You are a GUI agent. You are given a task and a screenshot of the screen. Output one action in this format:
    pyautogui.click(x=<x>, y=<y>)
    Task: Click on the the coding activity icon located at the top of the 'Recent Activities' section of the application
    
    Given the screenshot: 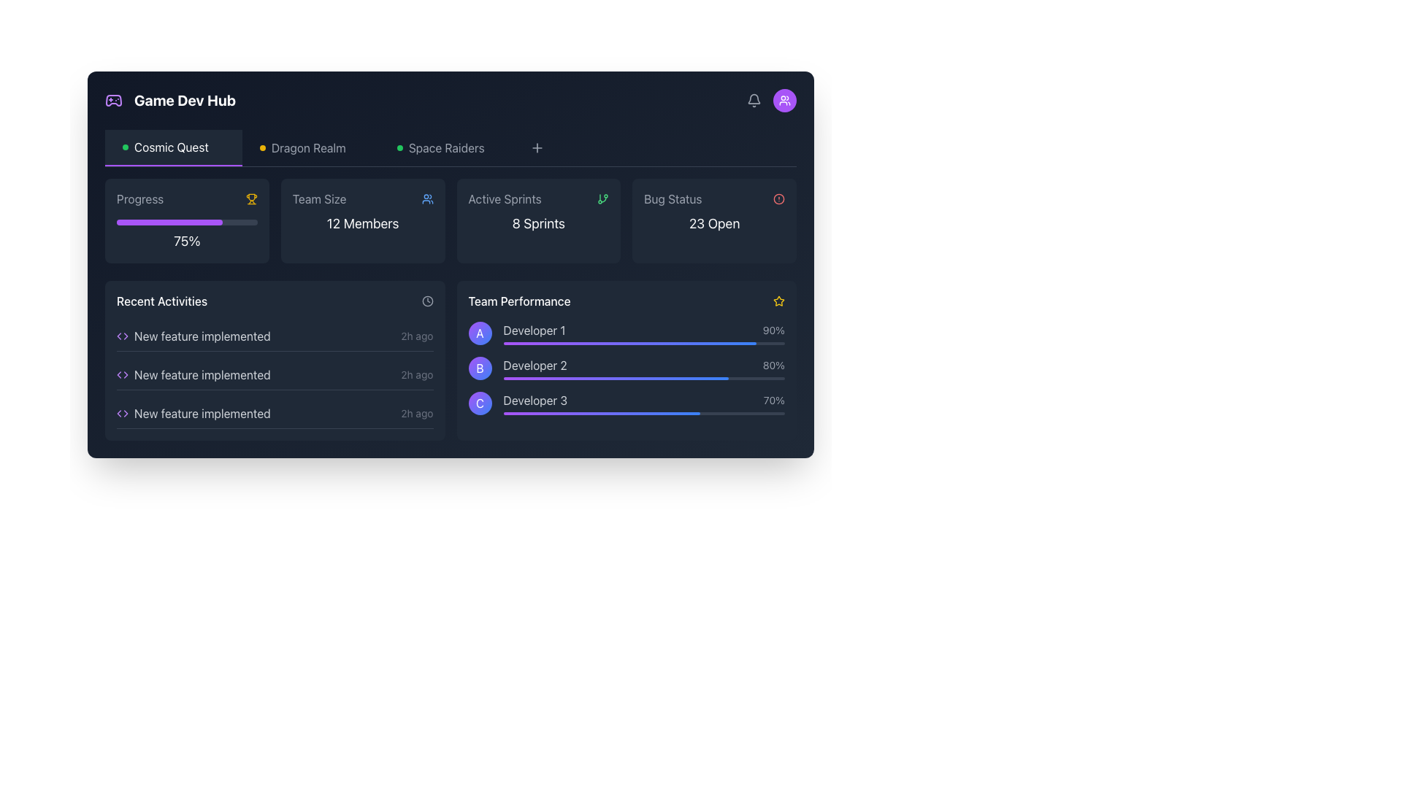 What is the action you would take?
    pyautogui.click(x=123, y=336)
    